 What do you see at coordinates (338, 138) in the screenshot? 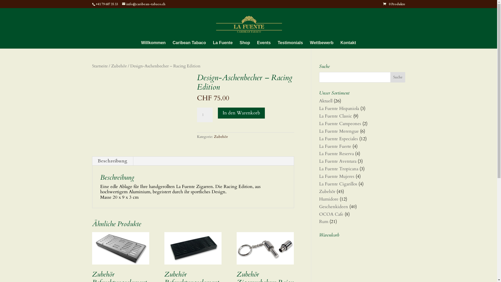
I see `'La Fuente Especiales'` at bounding box center [338, 138].